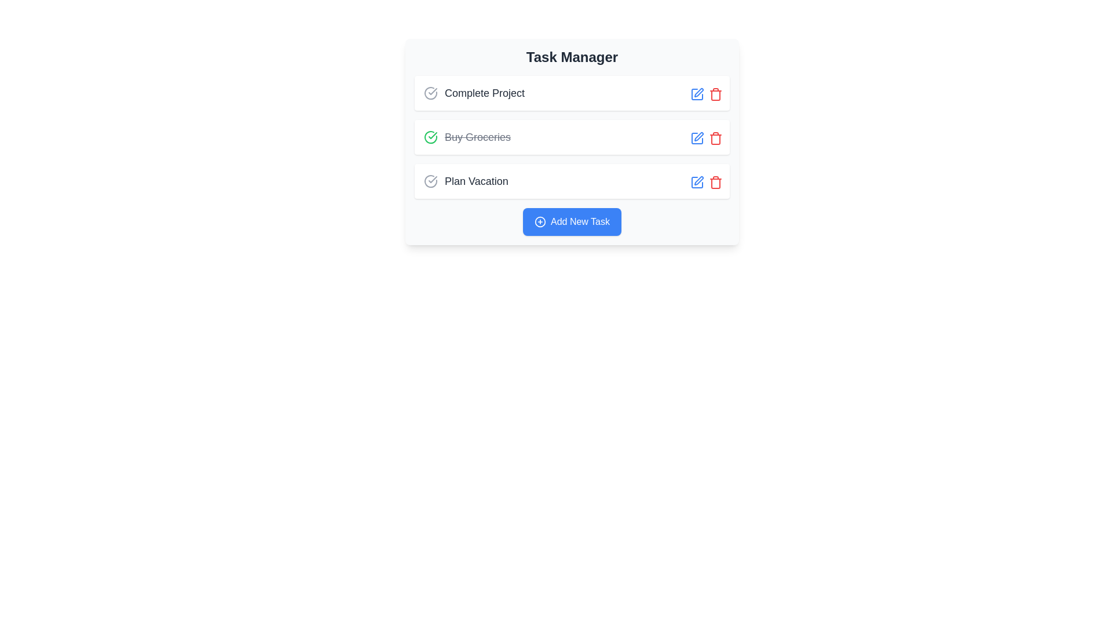 The image size is (1112, 626). What do you see at coordinates (466, 181) in the screenshot?
I see `the third task item in the Task Manager to interact with it` at bounding box center [466, 181].